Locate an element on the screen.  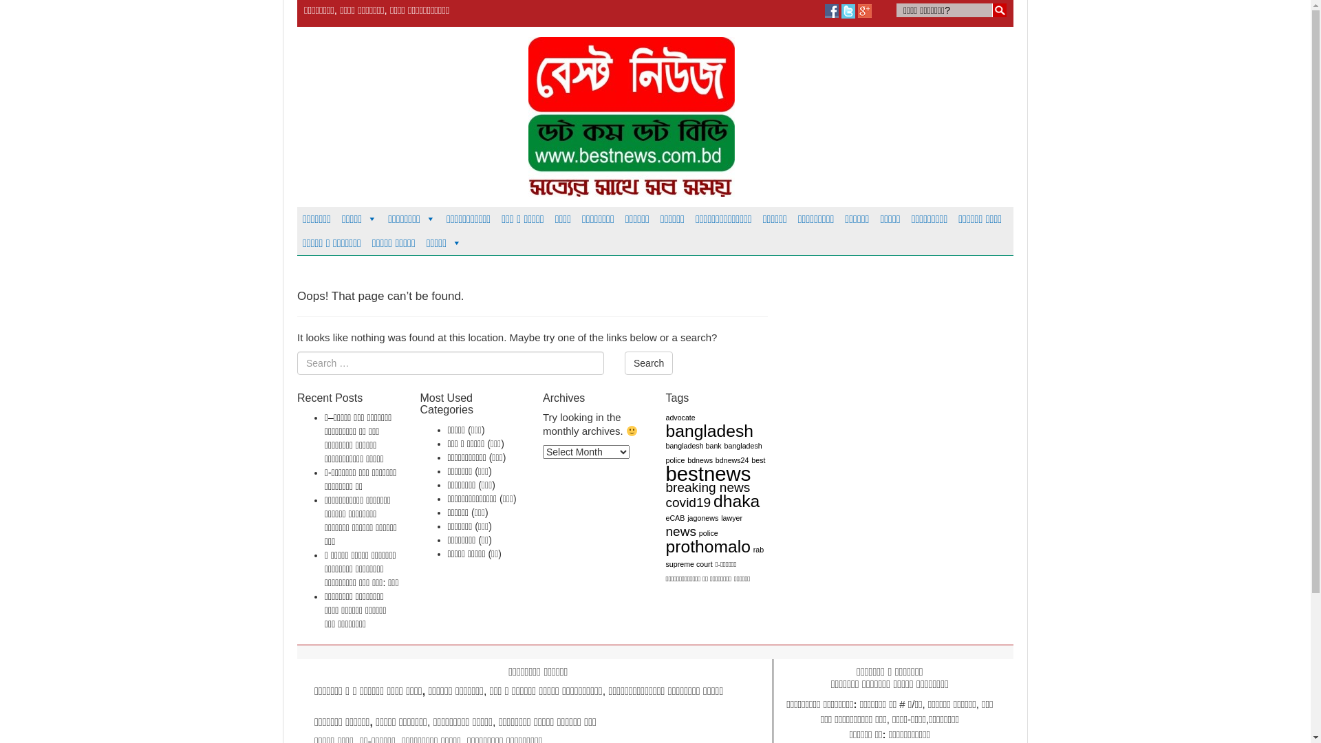
'prothomalo' is located at coordinates (708, 546).